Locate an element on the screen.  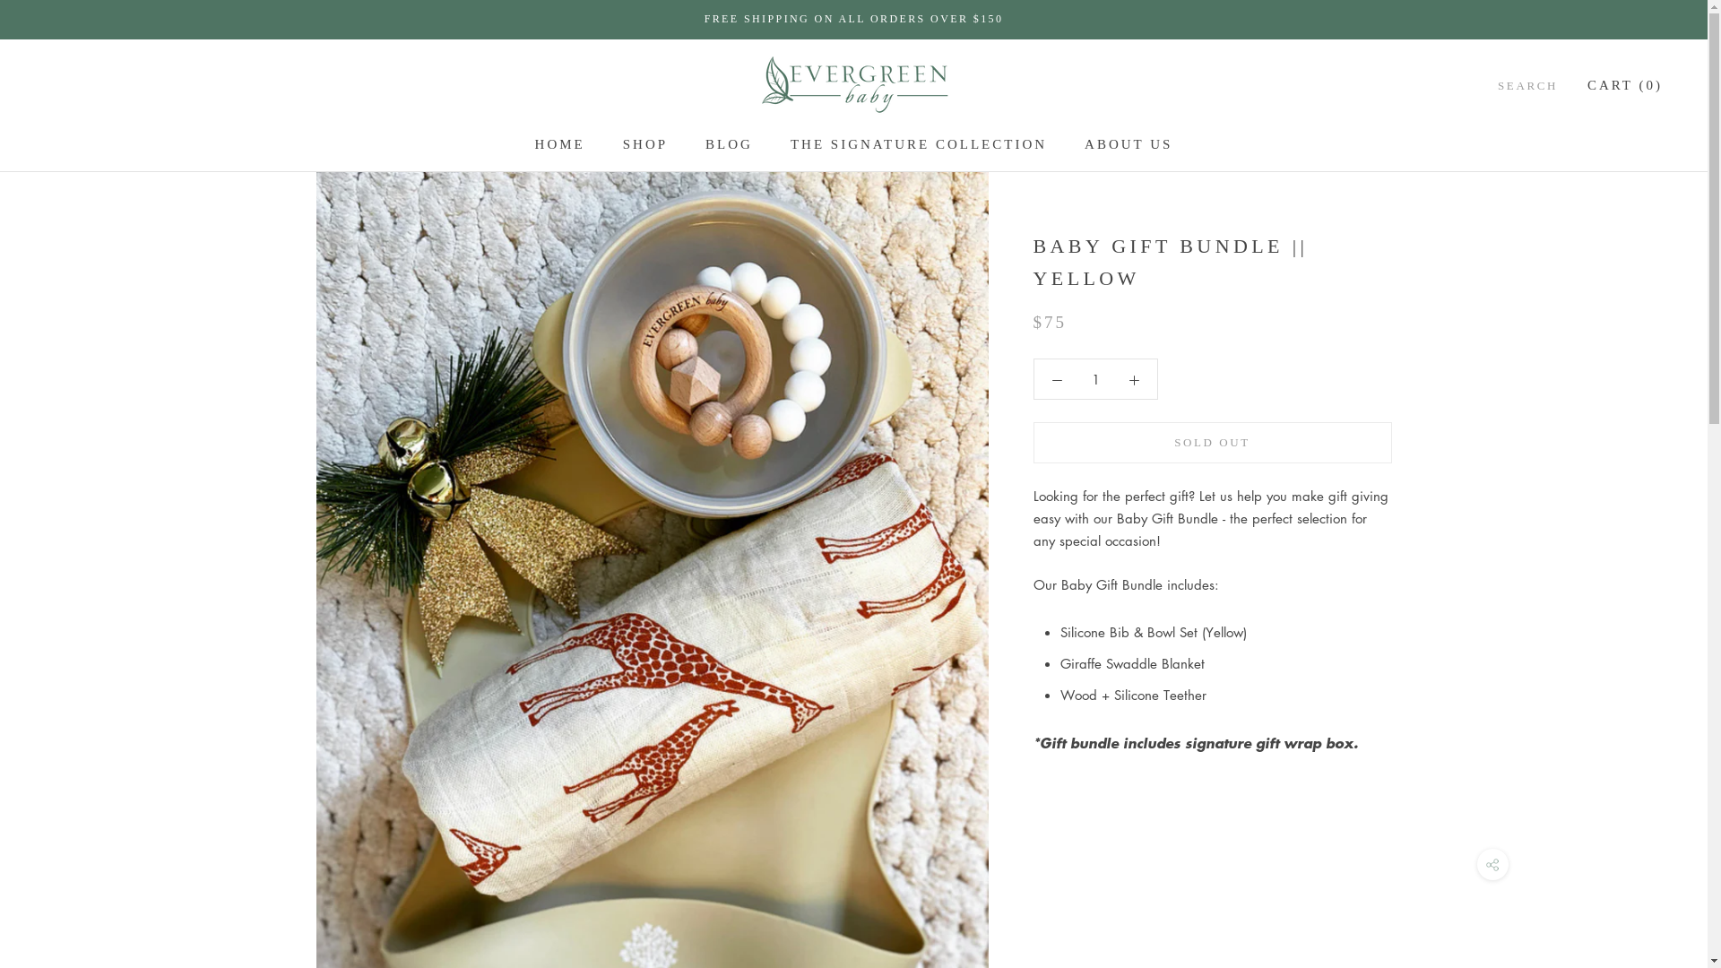
'CART (0)' is located at coordinates (1625, 85).